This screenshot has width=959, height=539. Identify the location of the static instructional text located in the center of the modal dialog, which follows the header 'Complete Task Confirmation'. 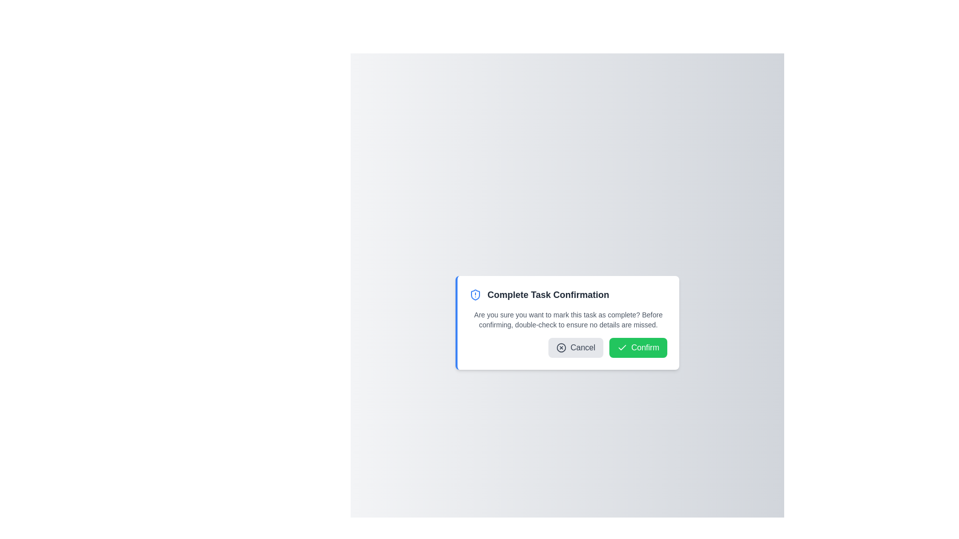
(568, 319).